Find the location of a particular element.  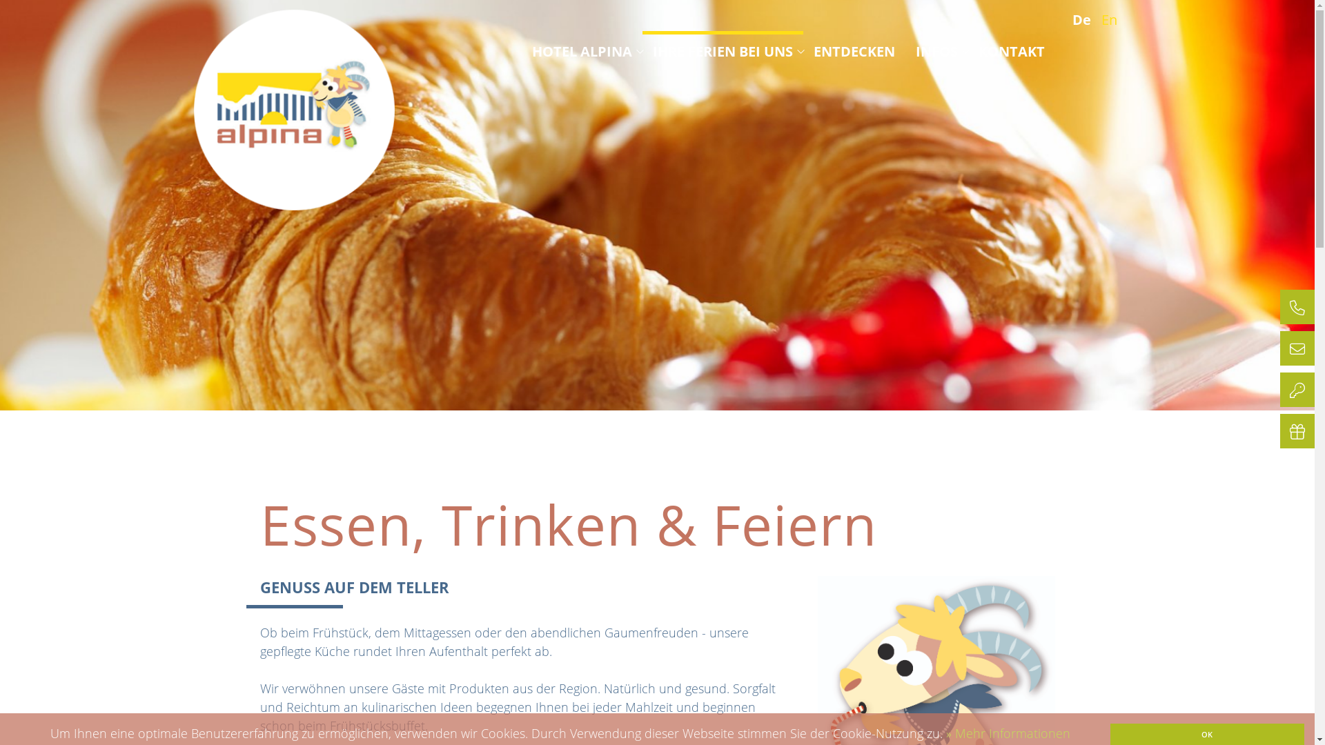

'Hotel Alpina Adelboden' is located at coordinates (293, 109).